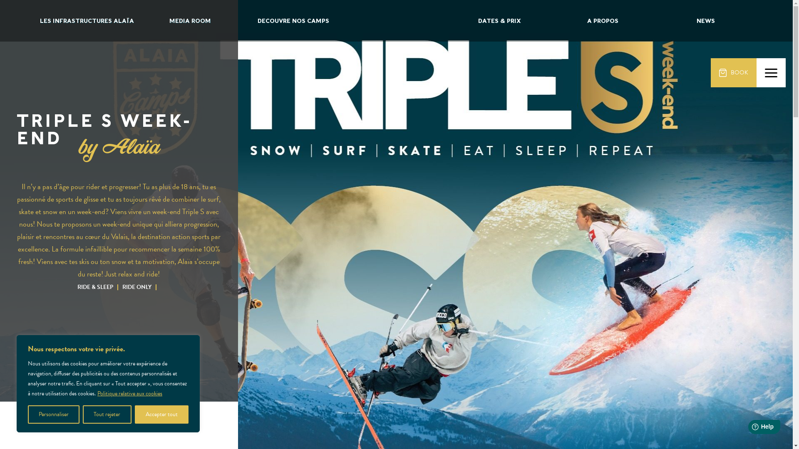 The height and width of the screenshot is (449, 799). I want to click on 'Accepter tout', so click(161, 414).